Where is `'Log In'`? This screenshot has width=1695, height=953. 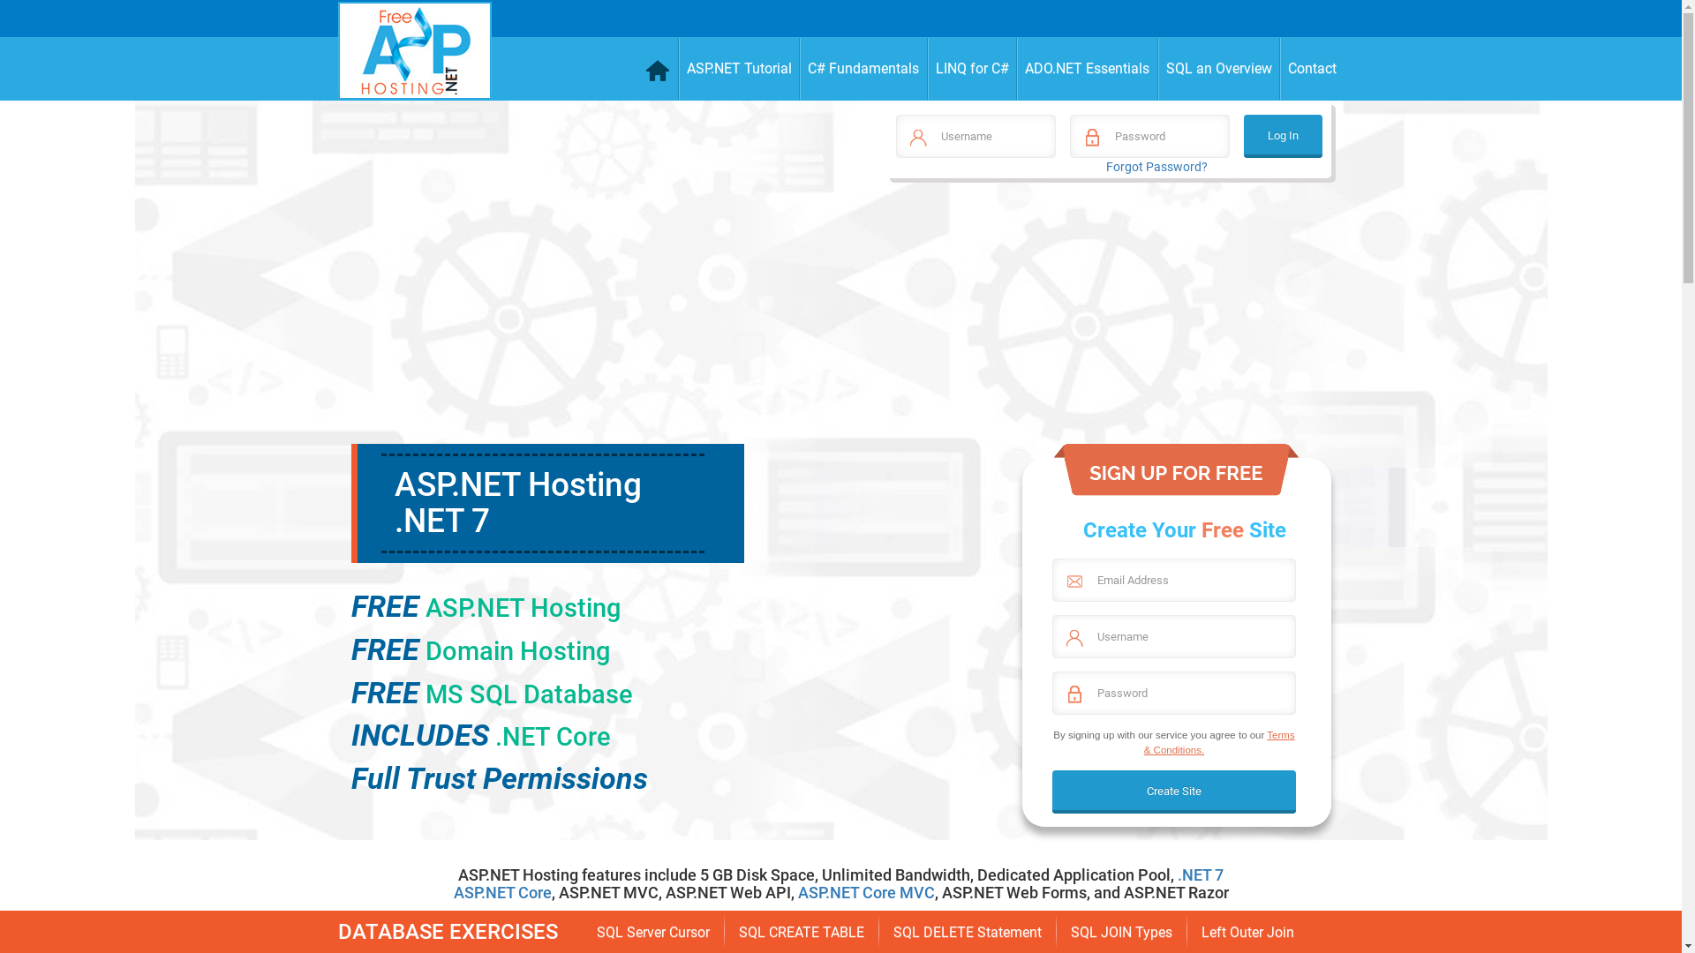
'Log In' is located at coordinates (1243, 135).